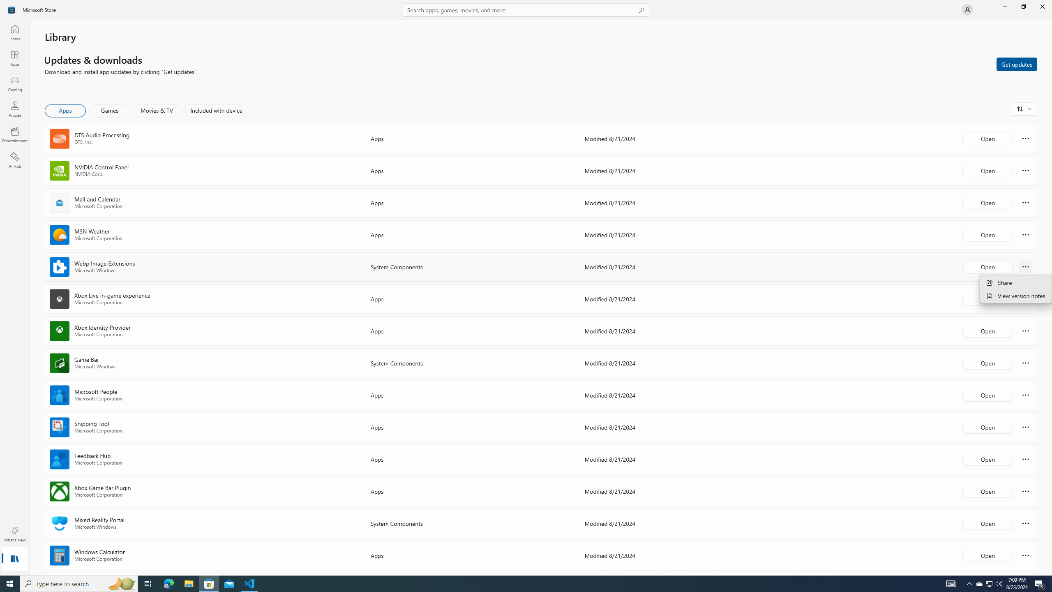 This screenshot has height=592, width=1052. Describe the element at coordinates (1023, 6) in the screenshot. I see `'Restore Microsoft Store'` at that location.